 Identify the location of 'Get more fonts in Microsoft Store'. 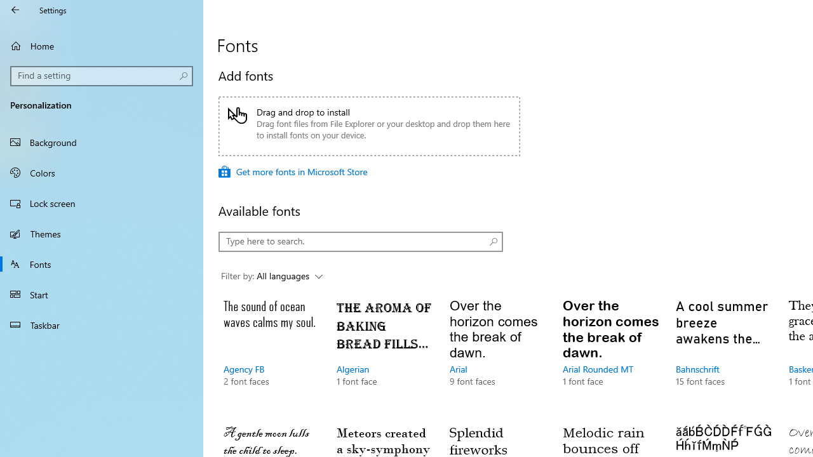
(292, 171).